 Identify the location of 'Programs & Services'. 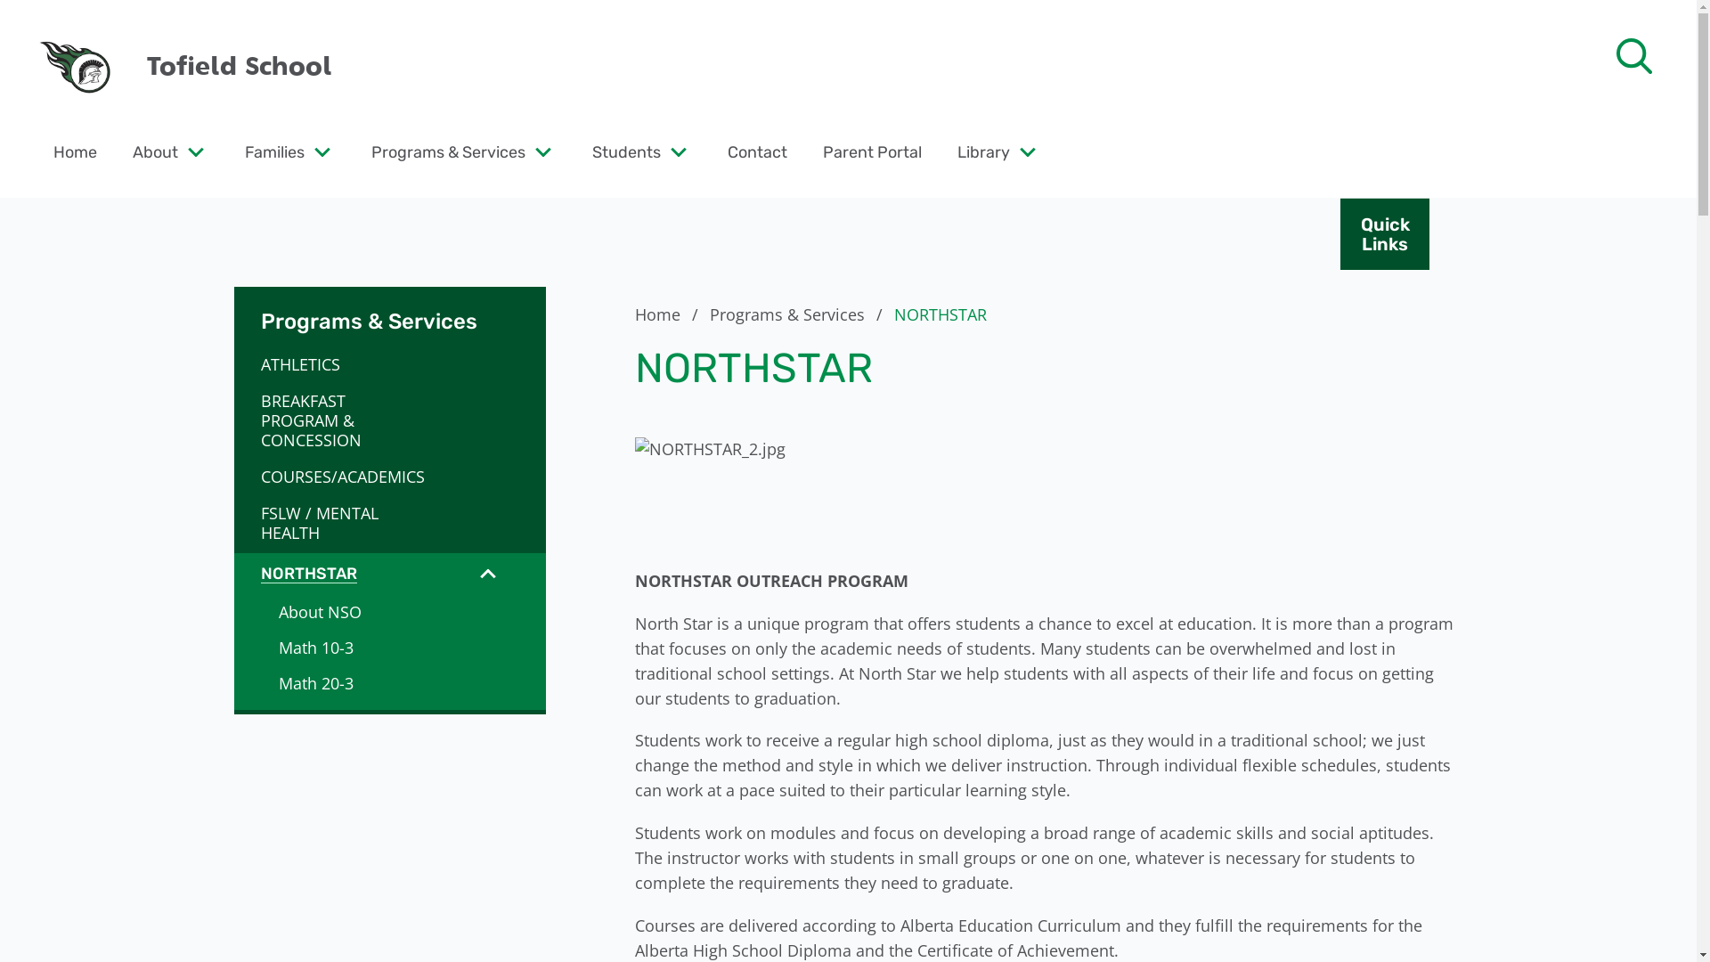
(387, 309).